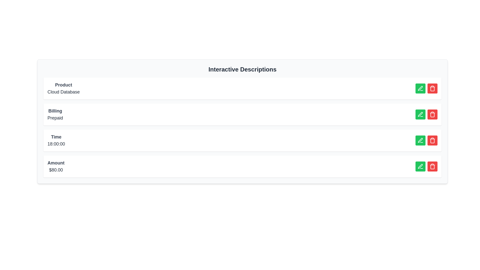 Image resolution: width=480 pixels, height=270 pixels. Describe the element at coordinates (56, 166) in the screenshot. I see `the Text display component that shows 'Amount' and '$80.00' in a vertical stack with a white background, located in the bottom-most entry of a list, just left of two interactive buttons` at that location.